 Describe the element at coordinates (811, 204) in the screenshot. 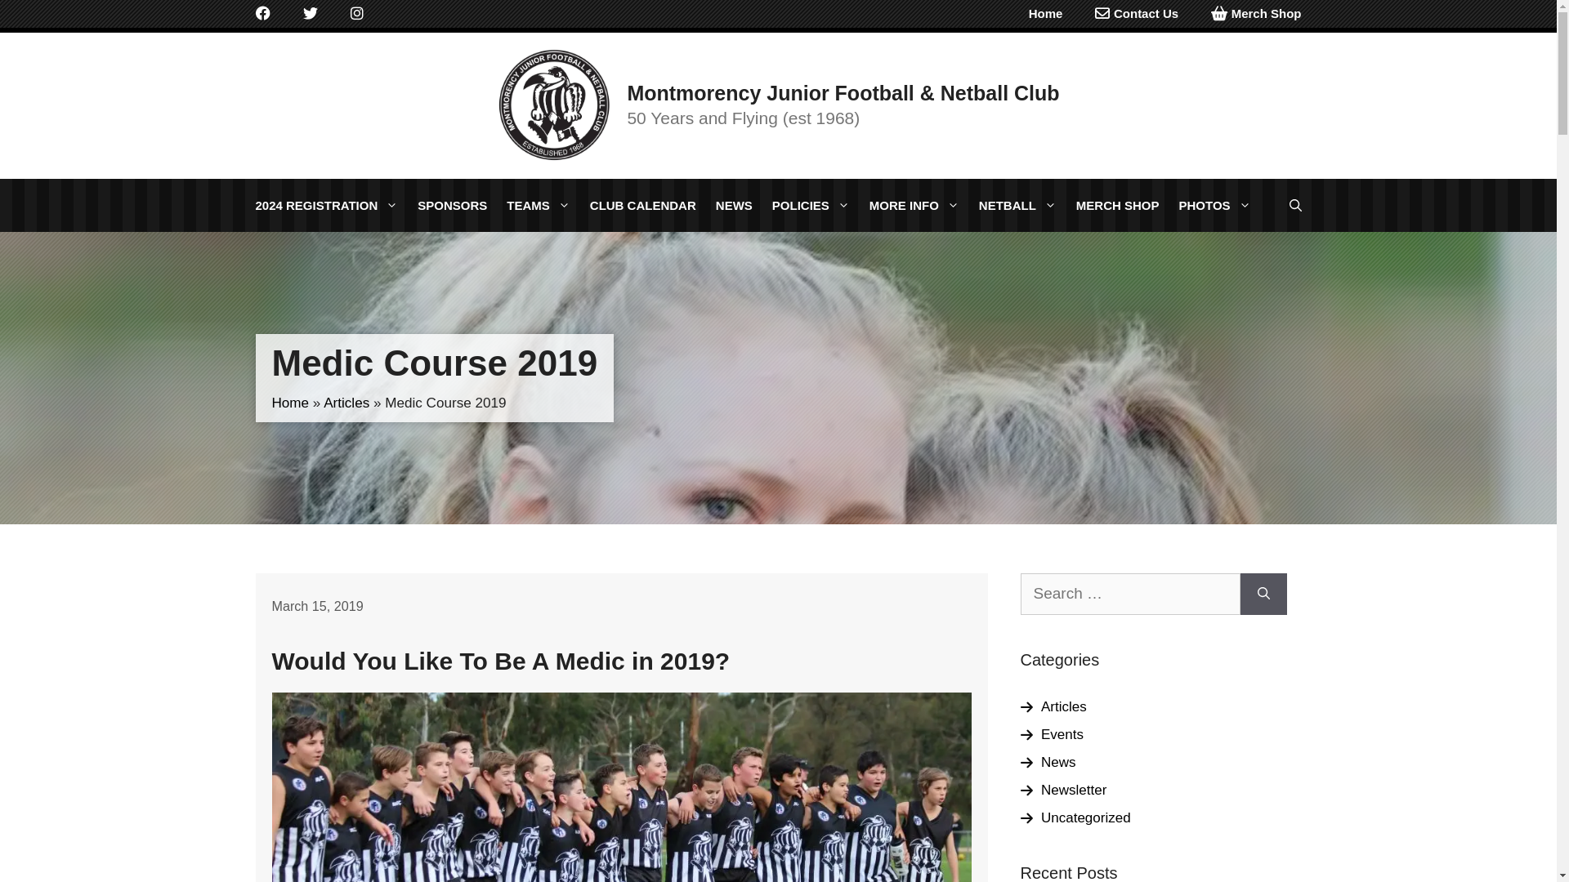

I see `'POLICIES'` at that location.